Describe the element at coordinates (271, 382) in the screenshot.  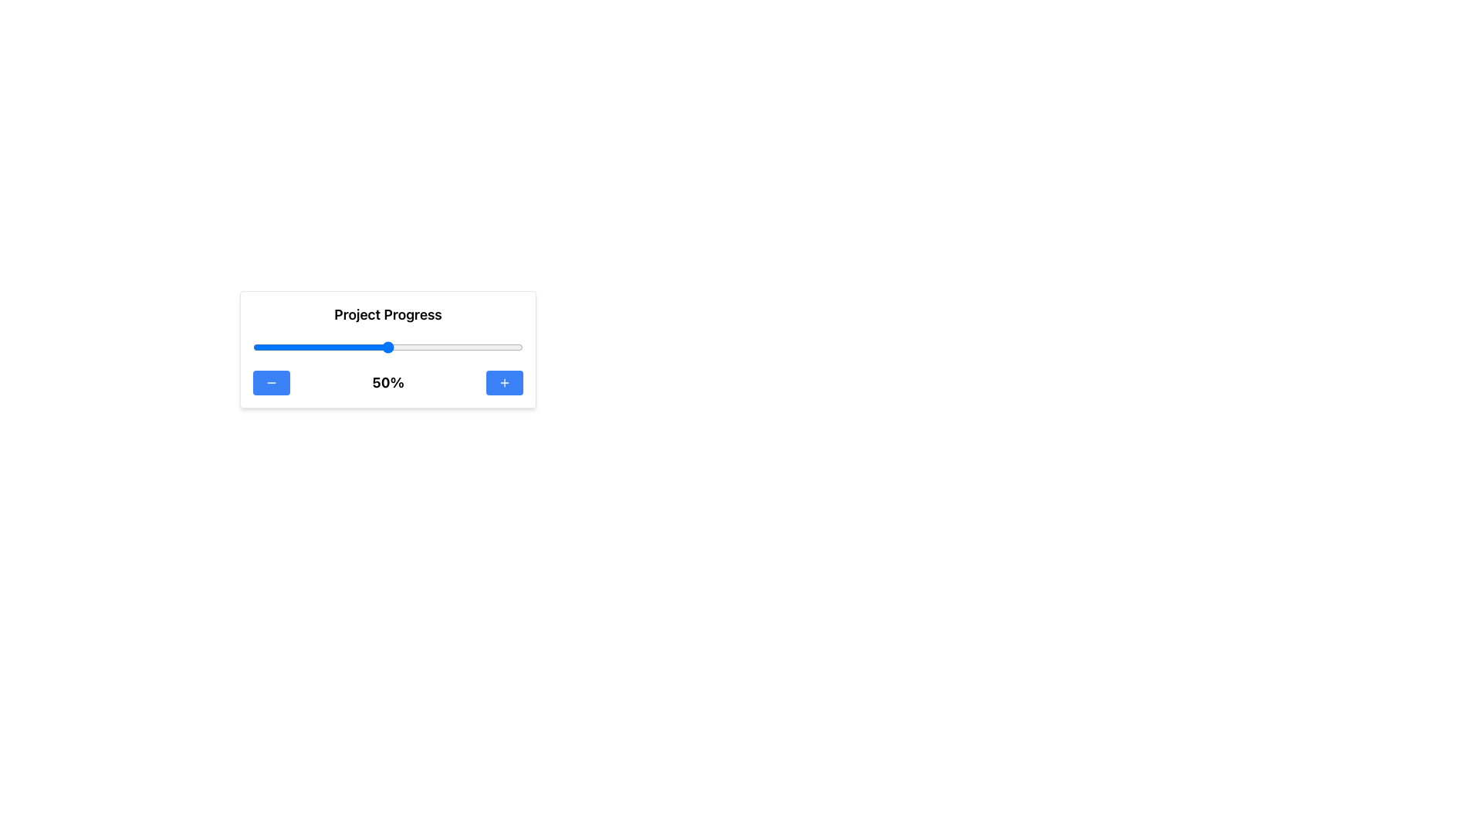
I see `the minus icon, which is styled as a thin horizontal line within a blue button with rounded corners, located below the Project Progress indicator` at that location.